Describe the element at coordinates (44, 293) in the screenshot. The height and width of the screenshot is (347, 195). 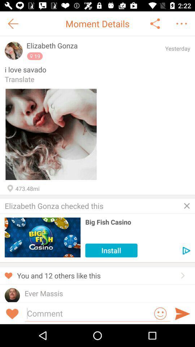
I see `the app above quelinda app` at that location.